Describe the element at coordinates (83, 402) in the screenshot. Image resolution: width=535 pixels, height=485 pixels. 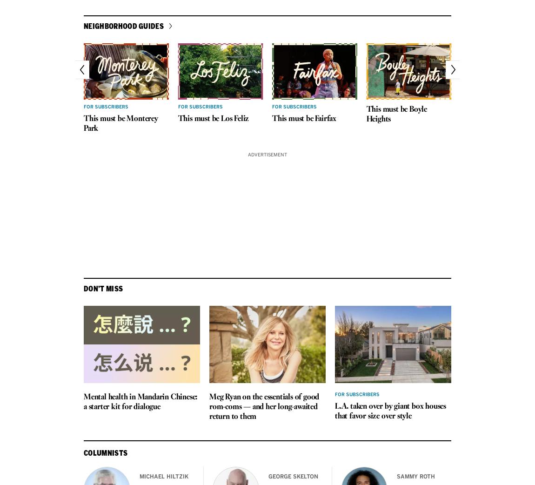
I see `'Mental health in Mandarin Chinese: a starter kit for dialogue'` at that location.